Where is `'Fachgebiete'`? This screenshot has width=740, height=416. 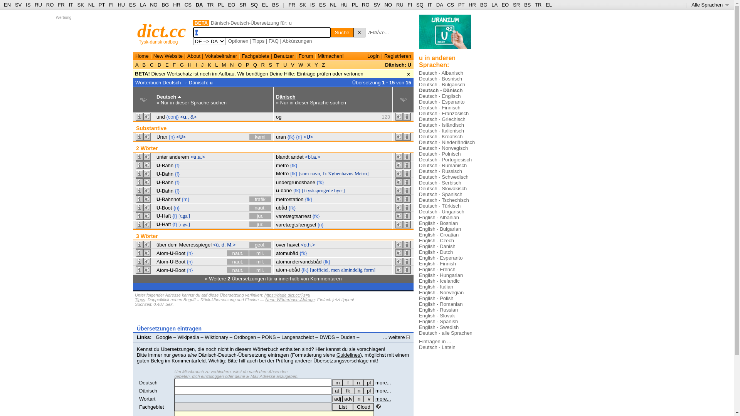
'Fachgebiete' is located at coordinates (255, 55).